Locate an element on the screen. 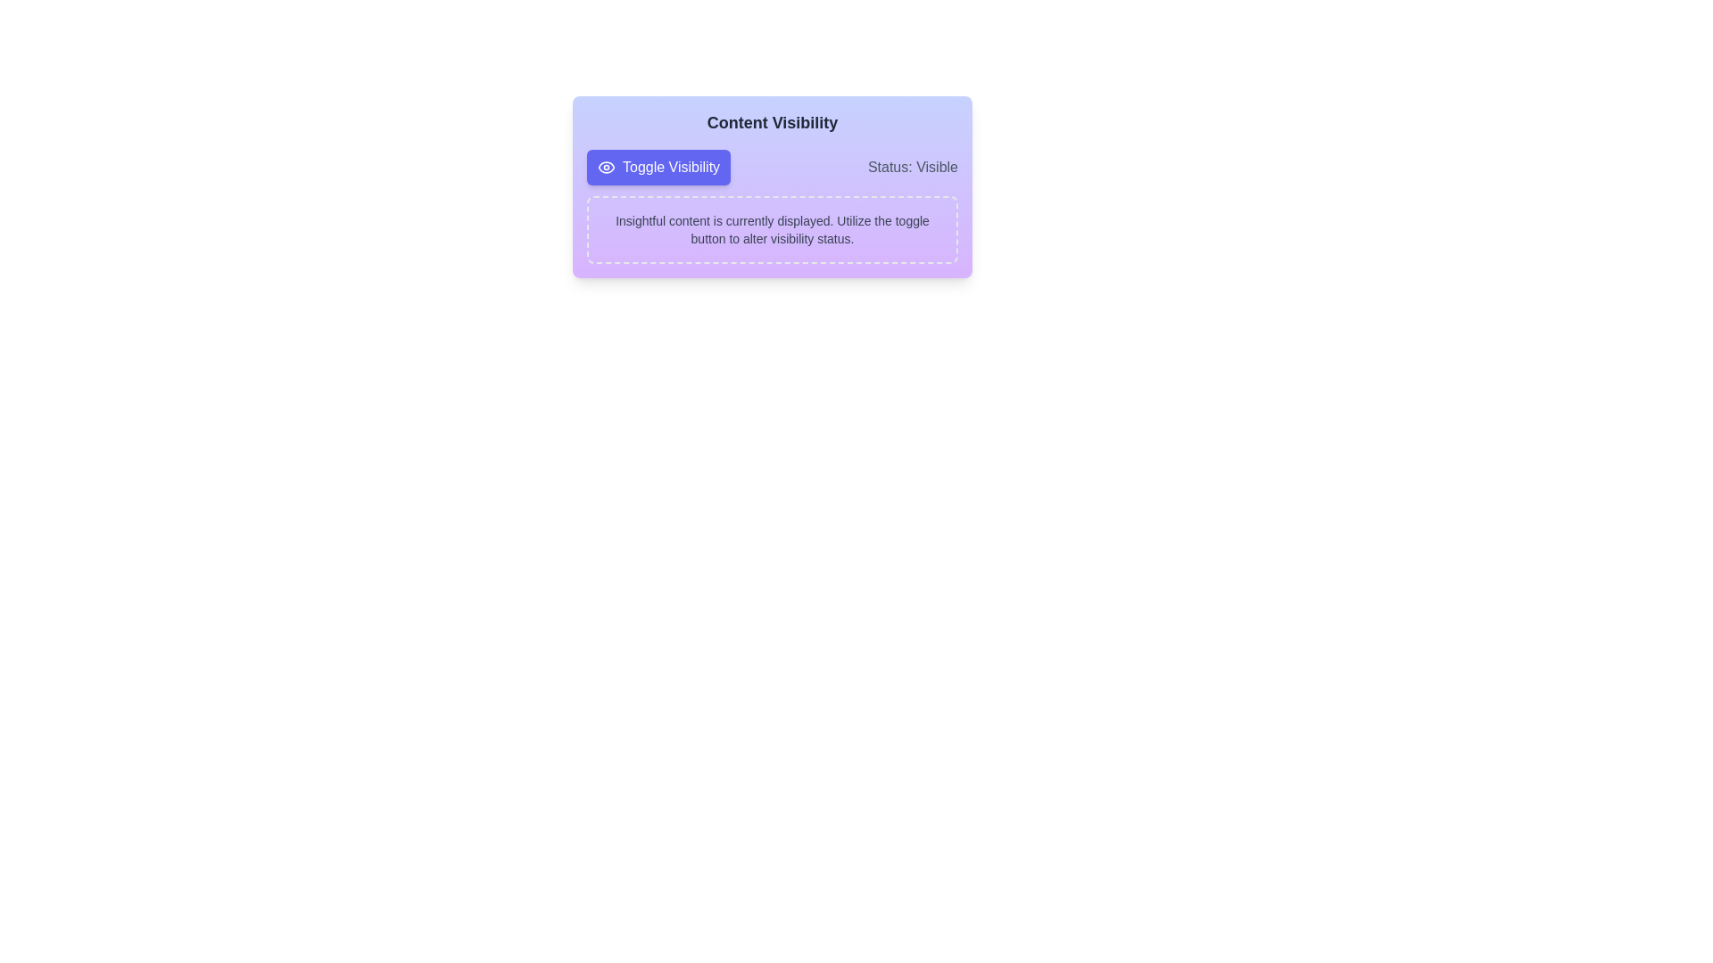 The image size is (1713, 963). the 'Toggle Visibility' button to change the visibility of the content is located at coordinates (658, 168).